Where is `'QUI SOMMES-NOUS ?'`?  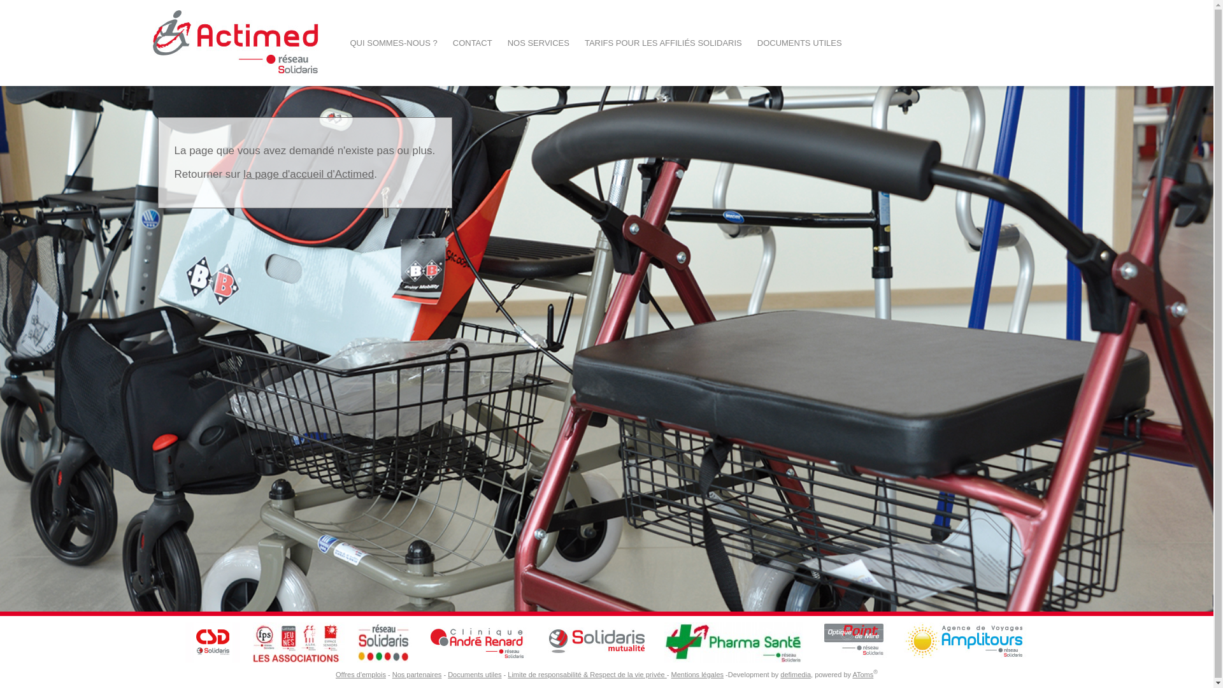
'QUI SOMMES-NOUS ?' is located at coordinates (393, 42).